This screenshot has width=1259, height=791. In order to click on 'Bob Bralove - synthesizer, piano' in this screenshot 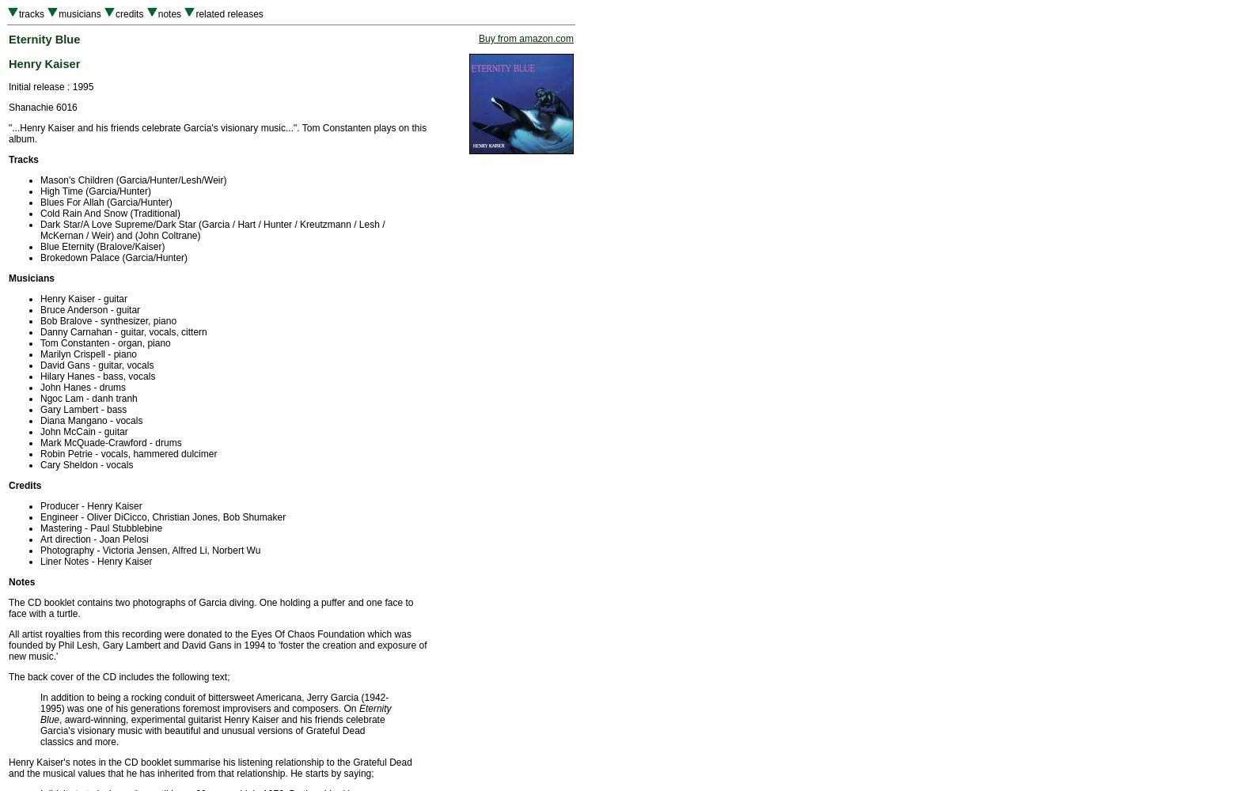, I will do `click(108, 321)`.